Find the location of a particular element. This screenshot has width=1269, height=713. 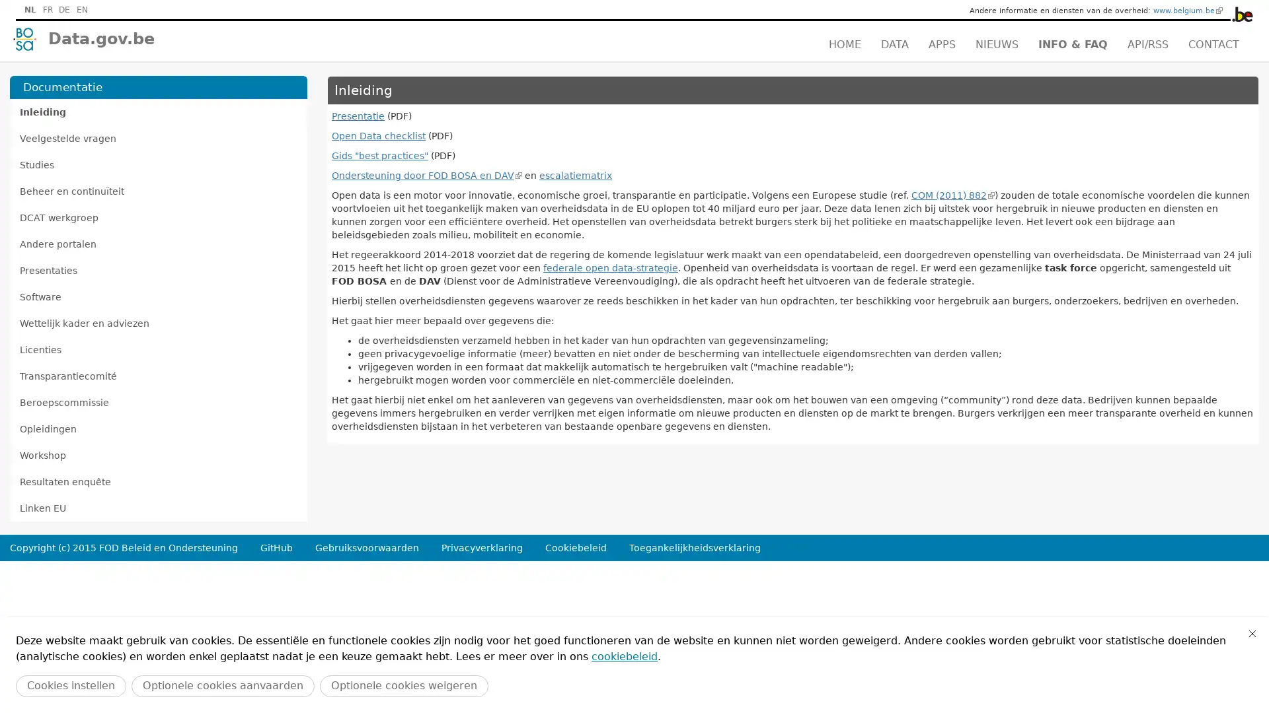

Optionele cookies aanvaarden is located at coordinates (223, 685).